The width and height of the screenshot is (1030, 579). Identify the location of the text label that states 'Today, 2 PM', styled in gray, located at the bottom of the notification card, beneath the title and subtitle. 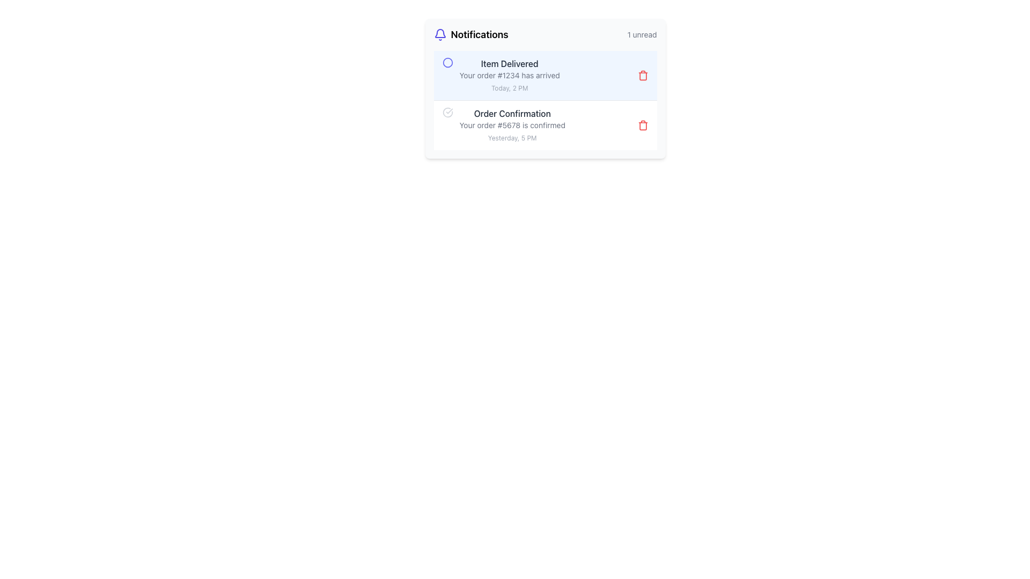
(509, 87).